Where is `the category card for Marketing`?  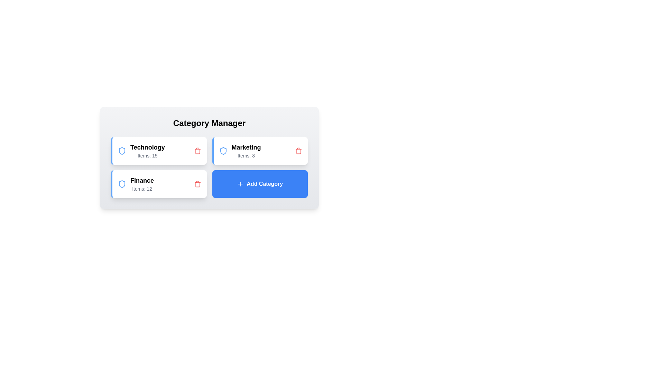 the category card for Marketing is located at coordinates (259, 150).